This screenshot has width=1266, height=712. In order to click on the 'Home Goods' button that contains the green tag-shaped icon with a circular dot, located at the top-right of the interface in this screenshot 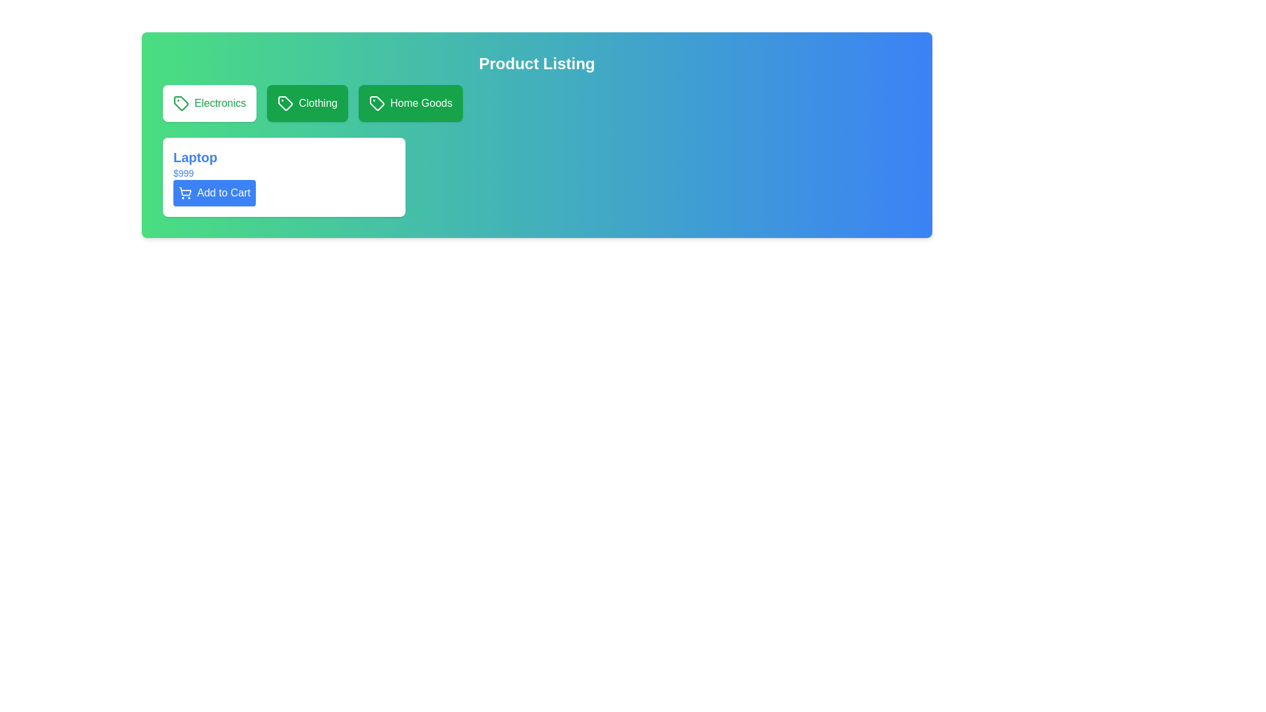, I will do `click(376, 103)`.